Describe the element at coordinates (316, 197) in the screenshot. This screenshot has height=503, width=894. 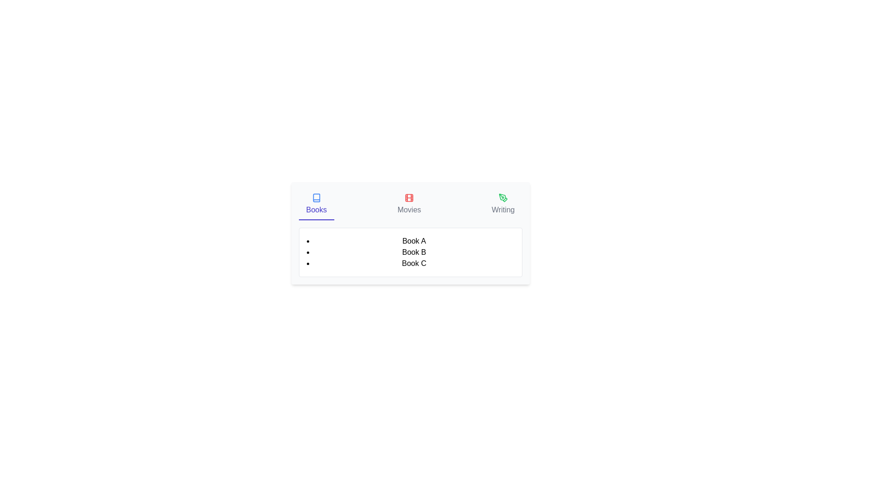
I see `the icon associated with the 'Books' tab to view its content` at that location.